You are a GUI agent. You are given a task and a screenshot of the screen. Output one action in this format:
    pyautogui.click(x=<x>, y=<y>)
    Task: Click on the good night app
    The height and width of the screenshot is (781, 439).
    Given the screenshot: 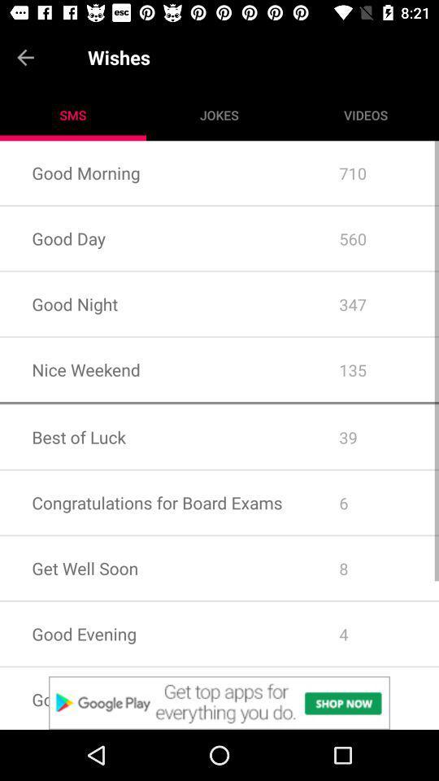 What is the action you would take?
    pyautogui.click(x=154, y=303)
    